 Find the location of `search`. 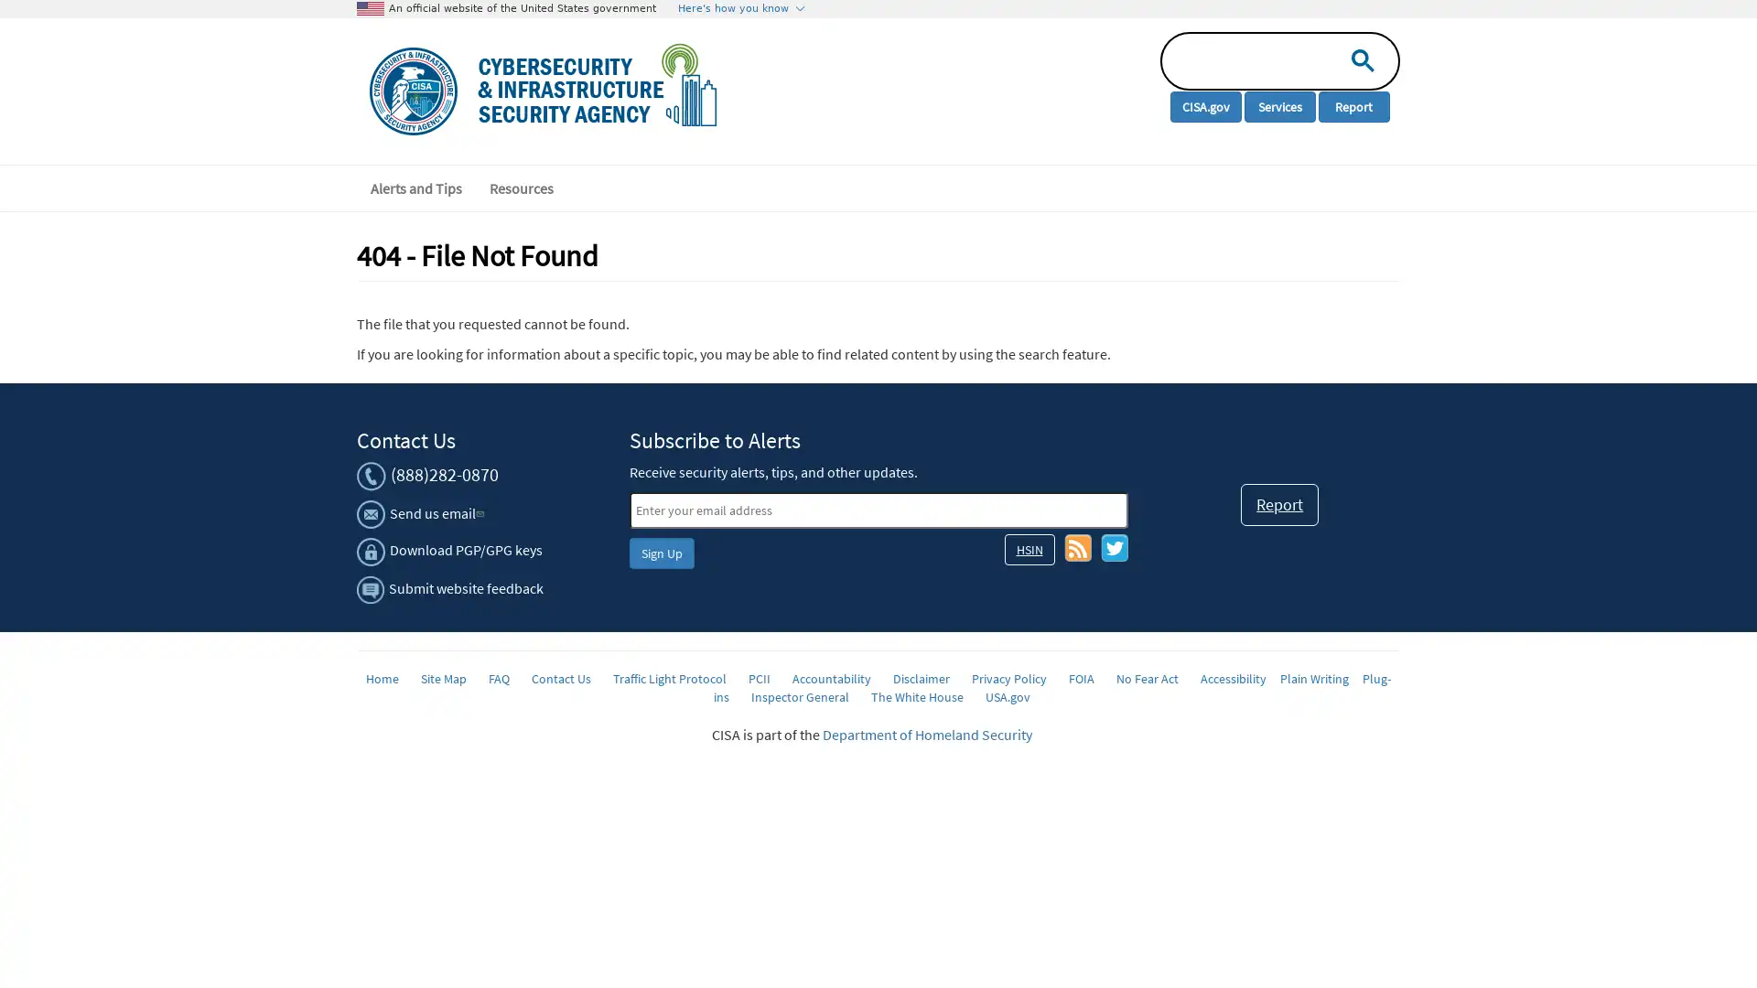

search is located at coordinates (1358, 59).